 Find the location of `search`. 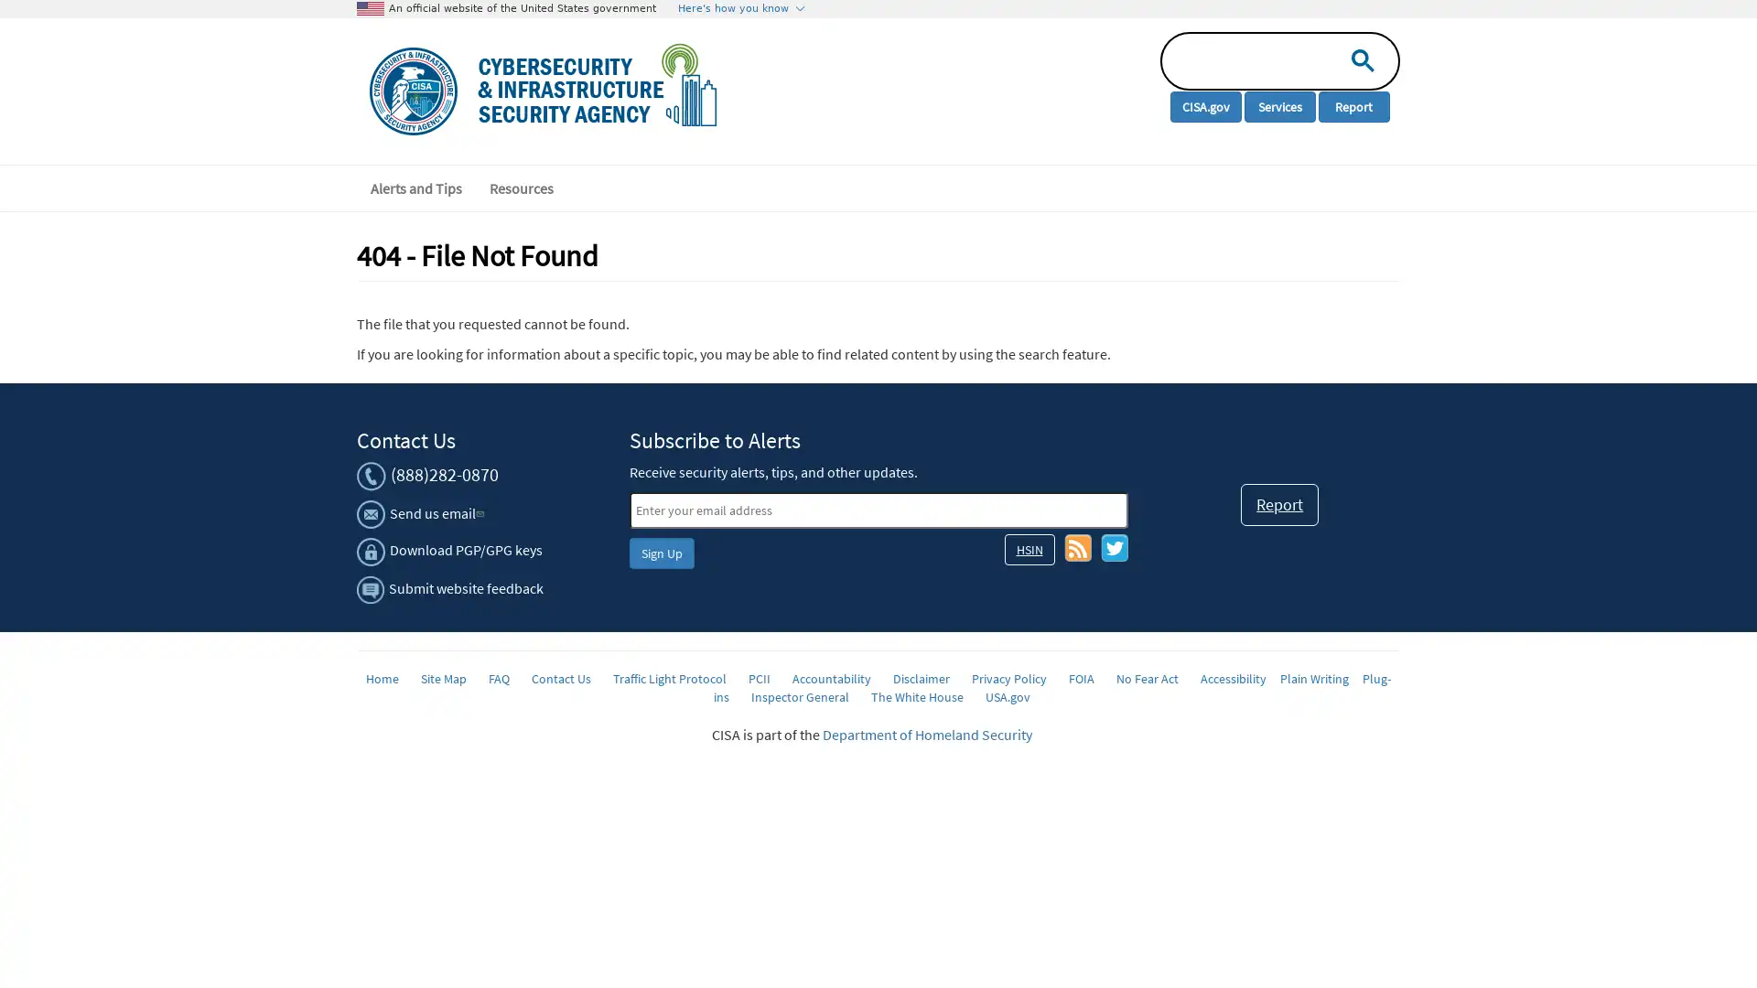

search is located at coordinates (1358, 59).